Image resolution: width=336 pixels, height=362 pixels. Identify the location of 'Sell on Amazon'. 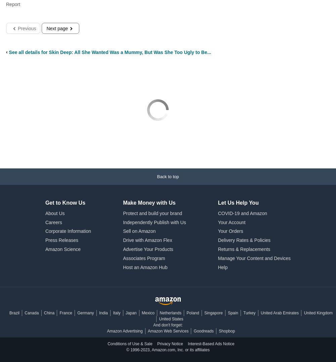
(139, 231).